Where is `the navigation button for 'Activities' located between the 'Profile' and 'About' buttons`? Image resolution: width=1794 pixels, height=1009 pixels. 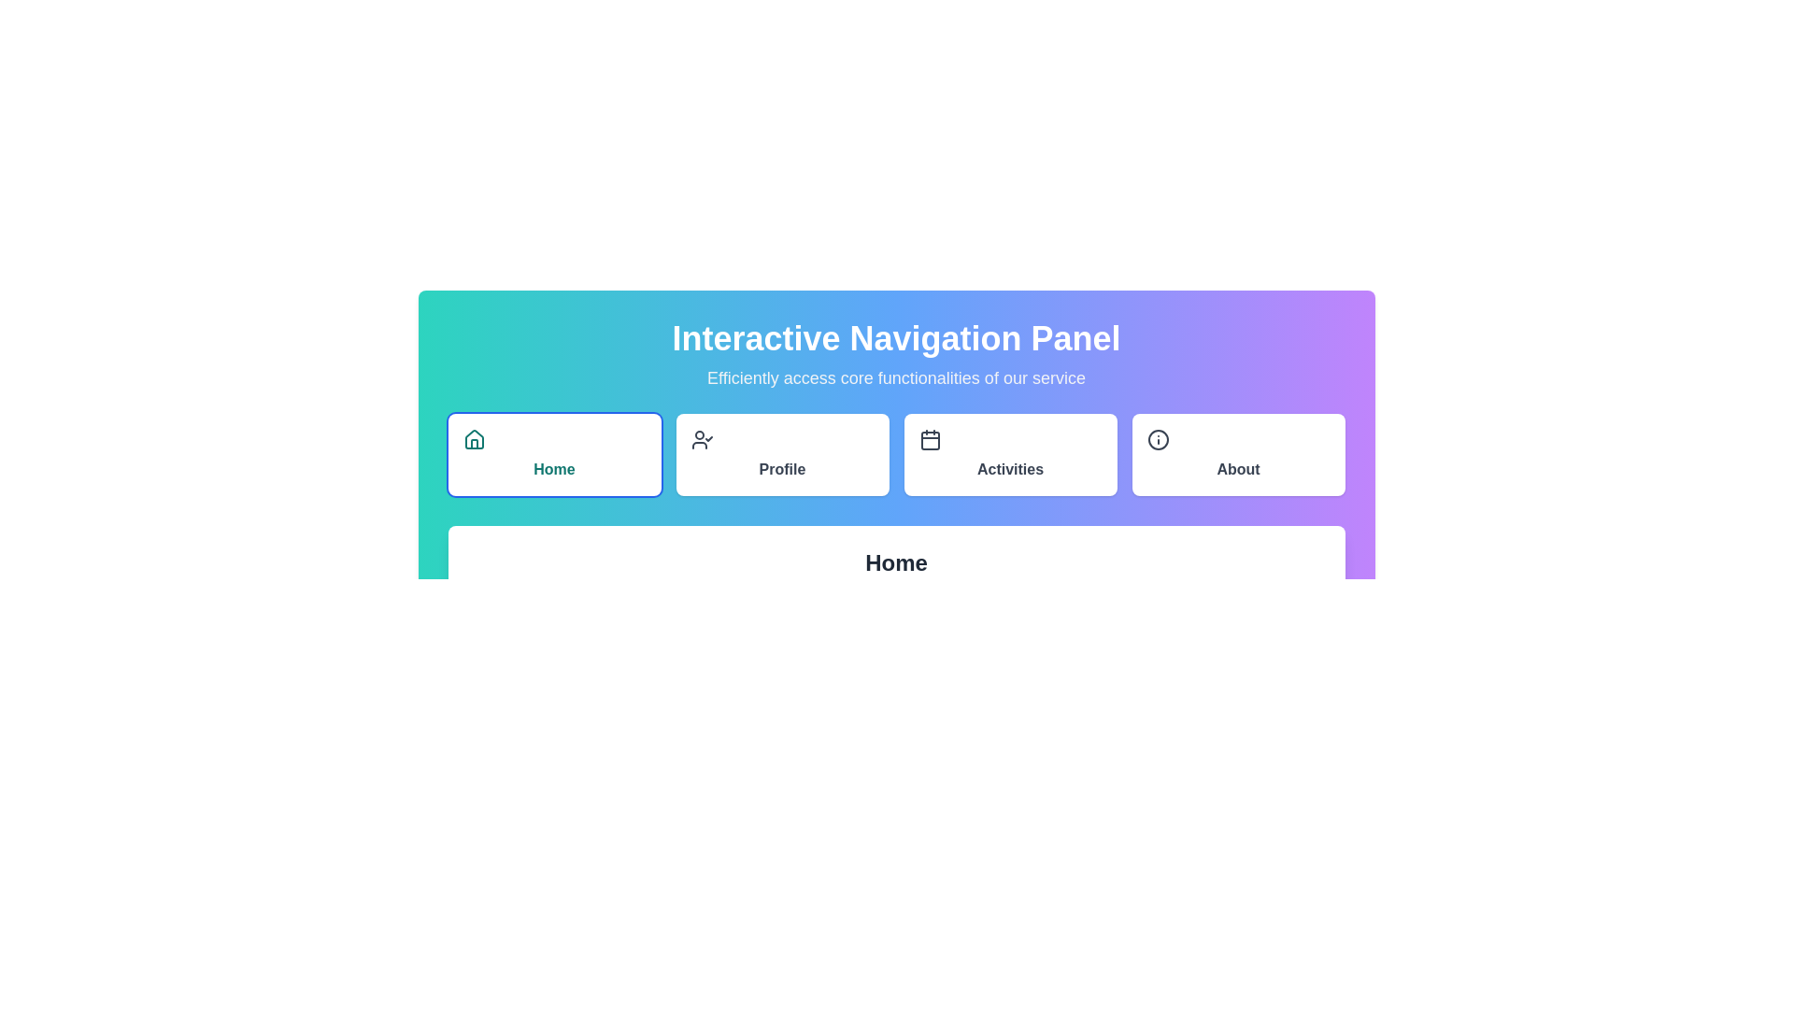
the navigation button for 'Activities' located between the 'Profile' and 'About' buttons is located at coordinates (1009, 454).